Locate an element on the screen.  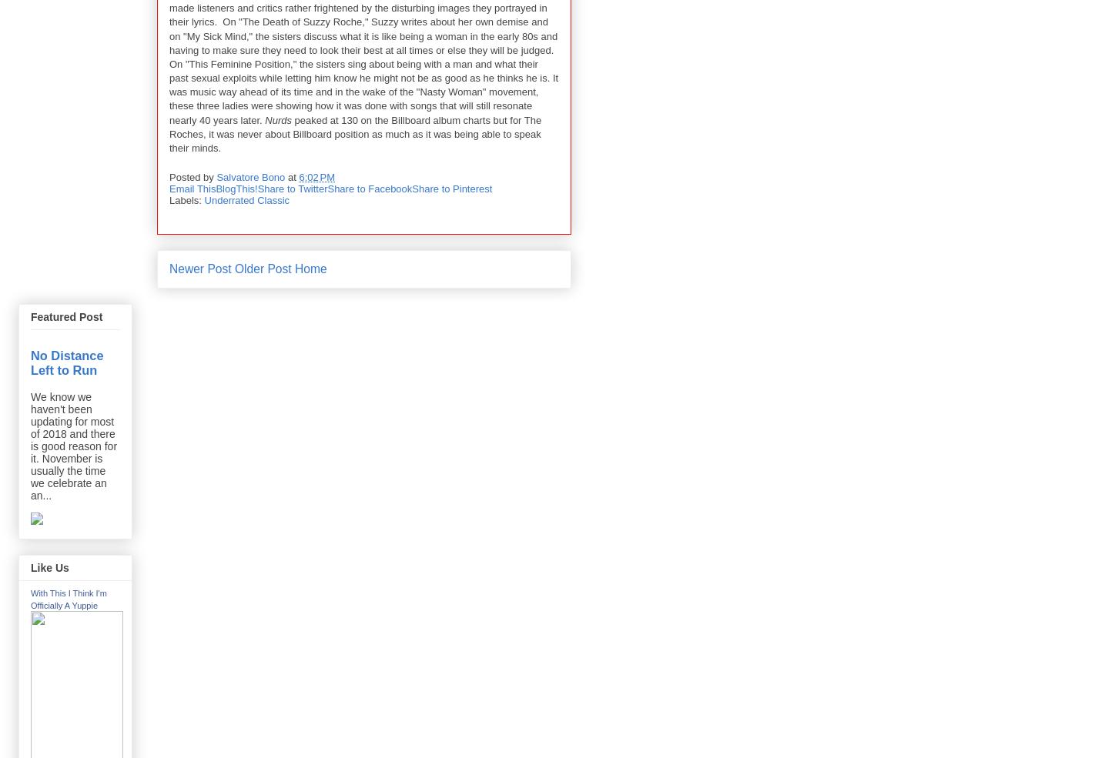
'at' is located at coordinates (293, 175).